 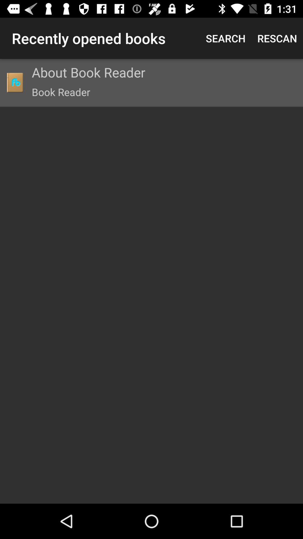 I want to click on the item next to the about book reader icon, so click(x=14, y=82).